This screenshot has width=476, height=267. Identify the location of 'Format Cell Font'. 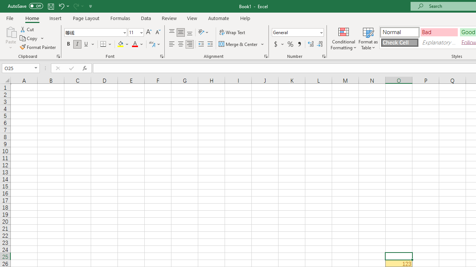
(161, 56).